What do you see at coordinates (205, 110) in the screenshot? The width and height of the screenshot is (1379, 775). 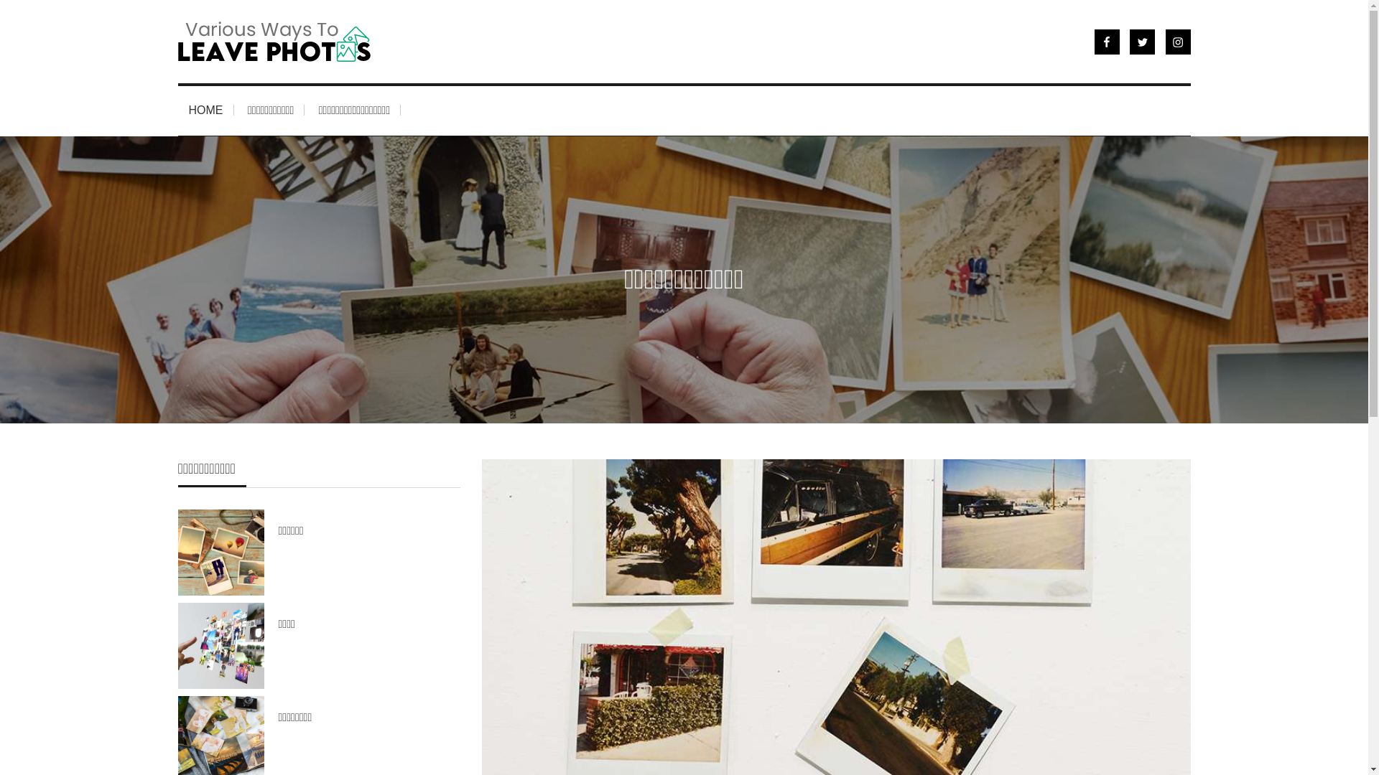 I see `'HOME'` at bounding box center [205, 110].